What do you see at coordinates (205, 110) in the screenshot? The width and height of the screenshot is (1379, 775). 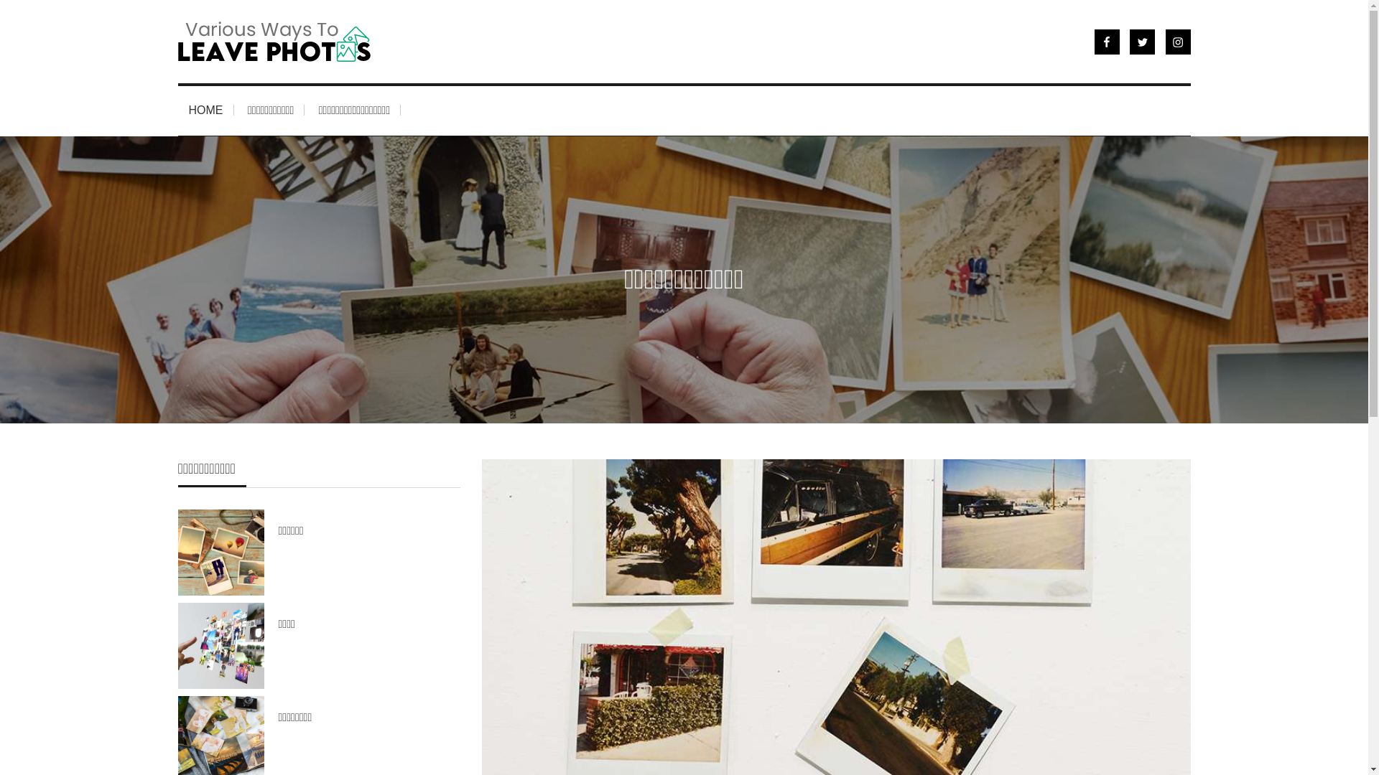 I see `'HOME'` at bounding box center [205, 110].